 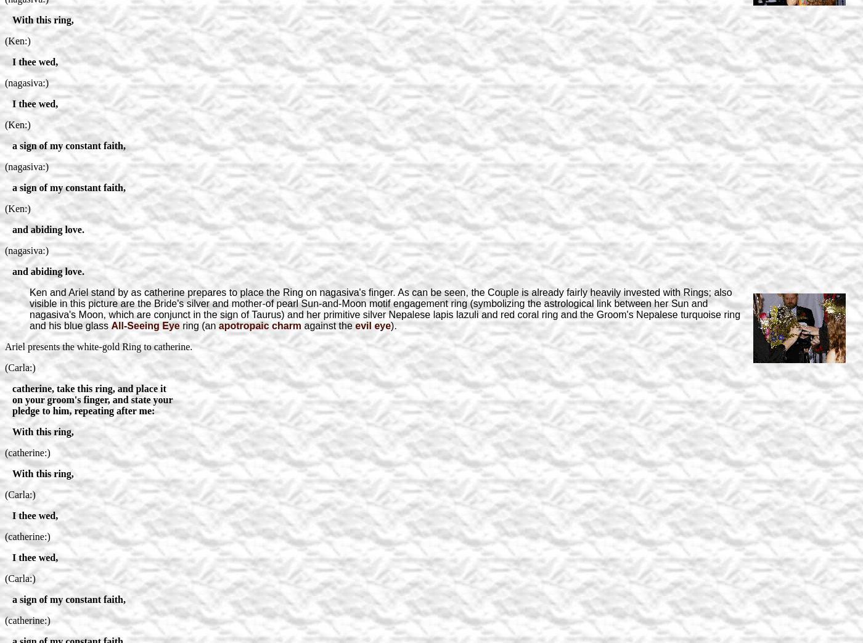 What do you see at coordinates (198, 325) in the screenshot?
I see `'ring (an'` at bounding box center [198, 325].